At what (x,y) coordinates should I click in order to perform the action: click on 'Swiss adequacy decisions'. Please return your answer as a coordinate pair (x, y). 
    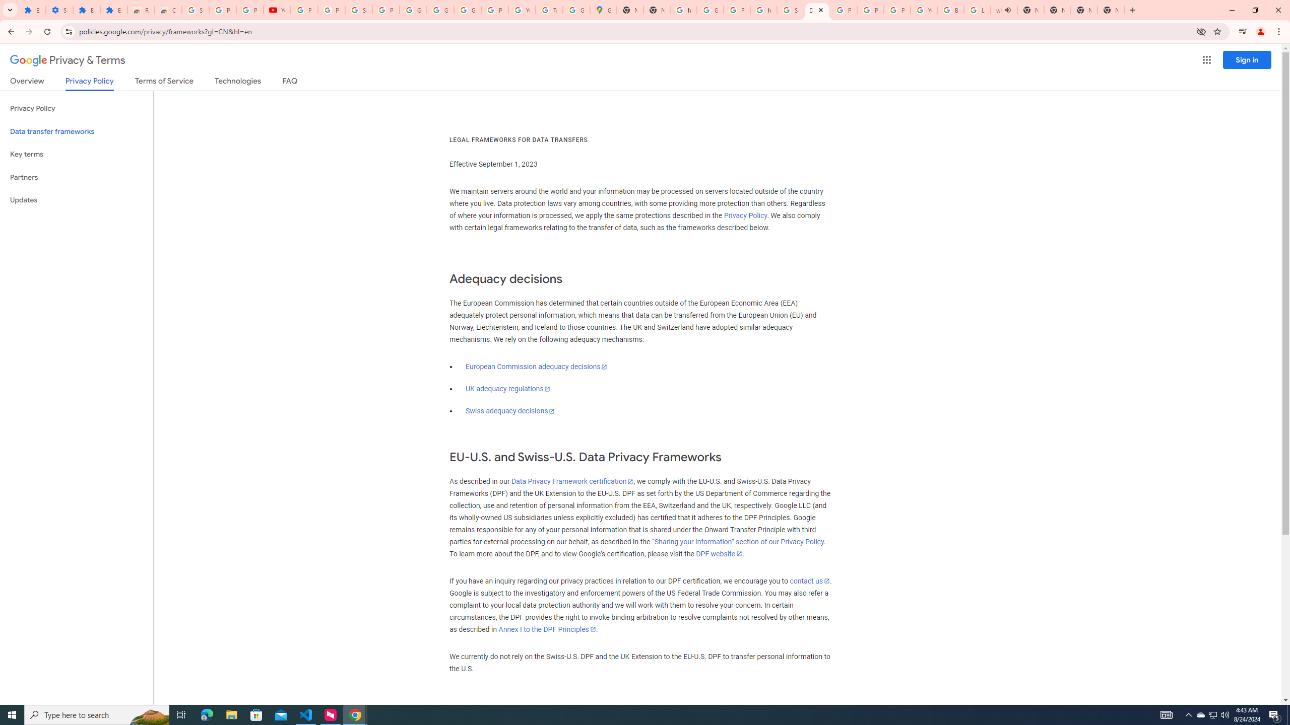
    Looking at the image, I should click on (509, 411).